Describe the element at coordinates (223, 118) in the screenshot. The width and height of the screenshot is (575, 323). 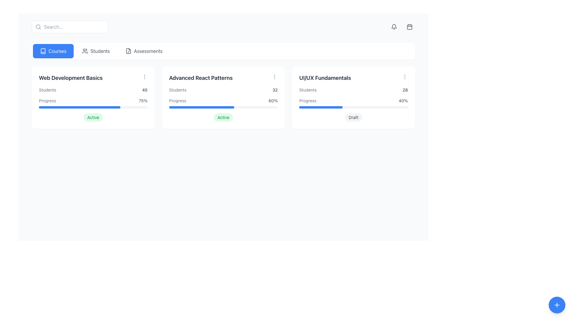
I see `the 'Active' badge with a light green background located at the bottom center of the 'Advanced React Patterns' course card` at that location.